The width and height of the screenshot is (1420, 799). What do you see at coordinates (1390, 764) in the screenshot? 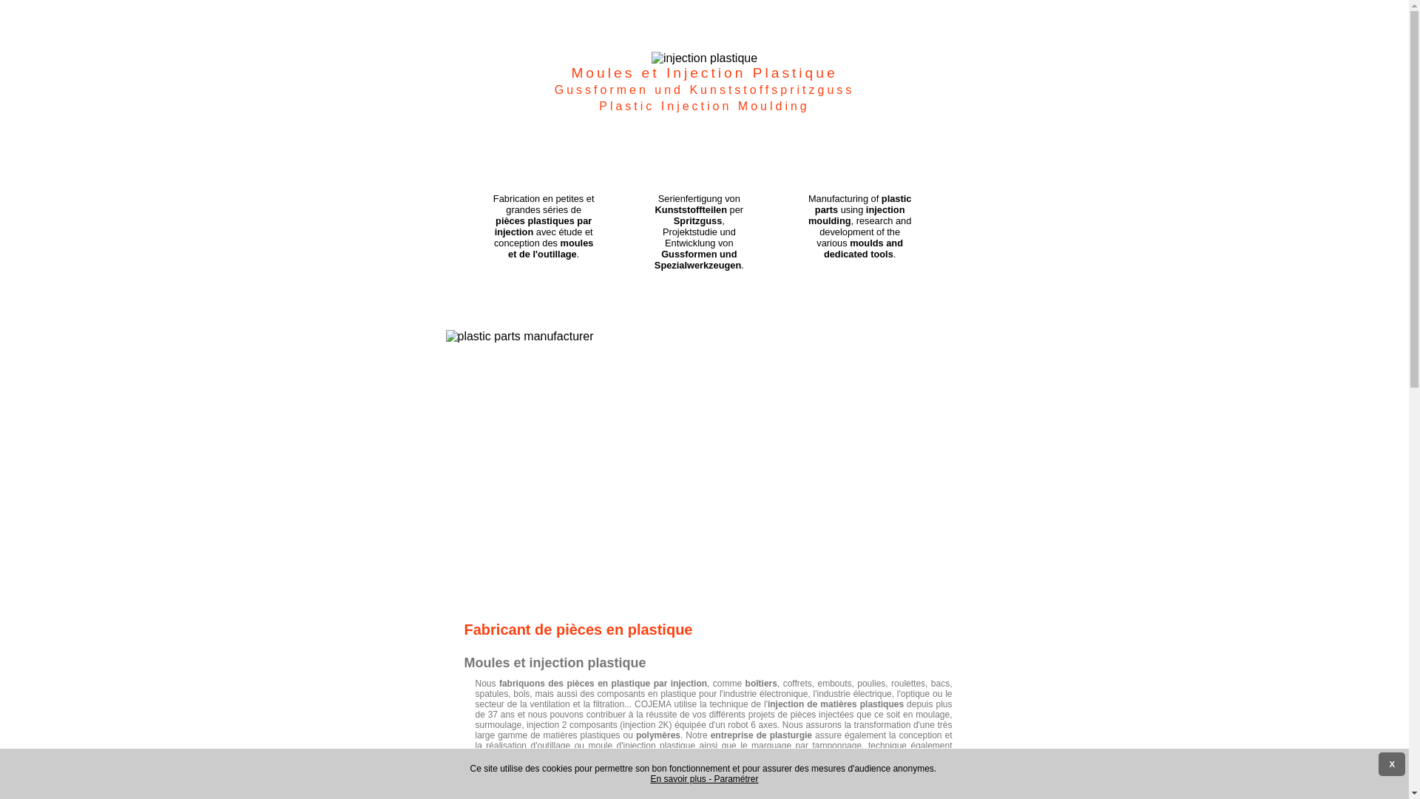
I see `'X'` at bounding box center [1390, 764].